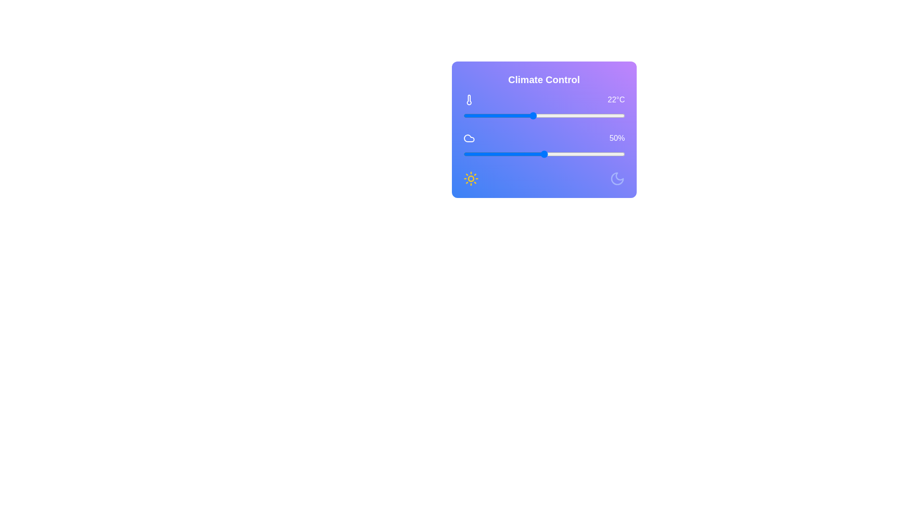 The height and width of the screenshot is (519, 924). Describe the element at coordinates (474, 153) in the screenshot. I see `the slider value` at that location.